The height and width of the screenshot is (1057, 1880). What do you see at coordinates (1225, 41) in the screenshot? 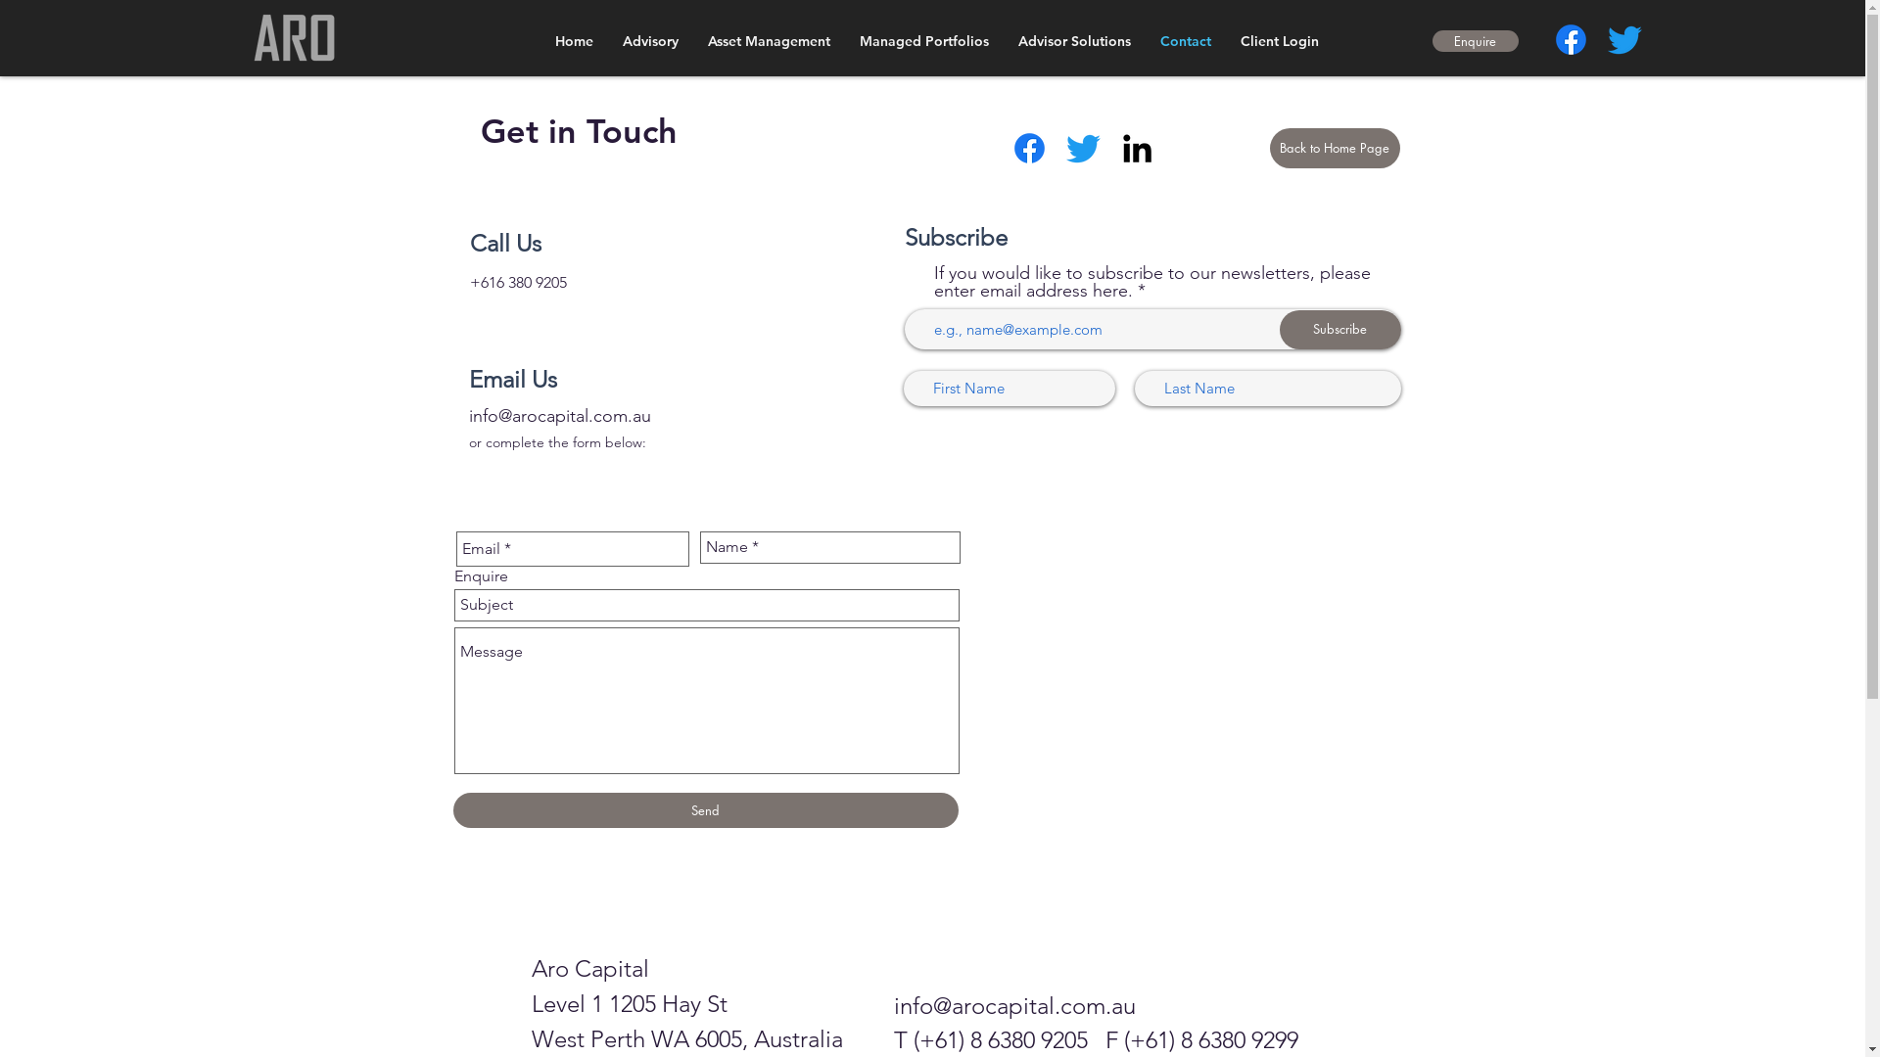
I see `'Client Login'` at bounding box center [1225, 41].